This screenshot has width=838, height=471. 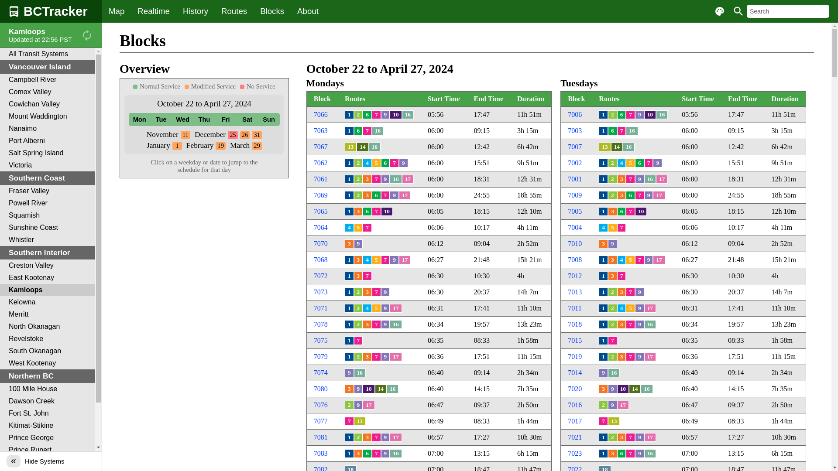 What do you see at coordinates (574, 388) in the screenshot?
I see `'7020'` at bounding box center [574, 388].